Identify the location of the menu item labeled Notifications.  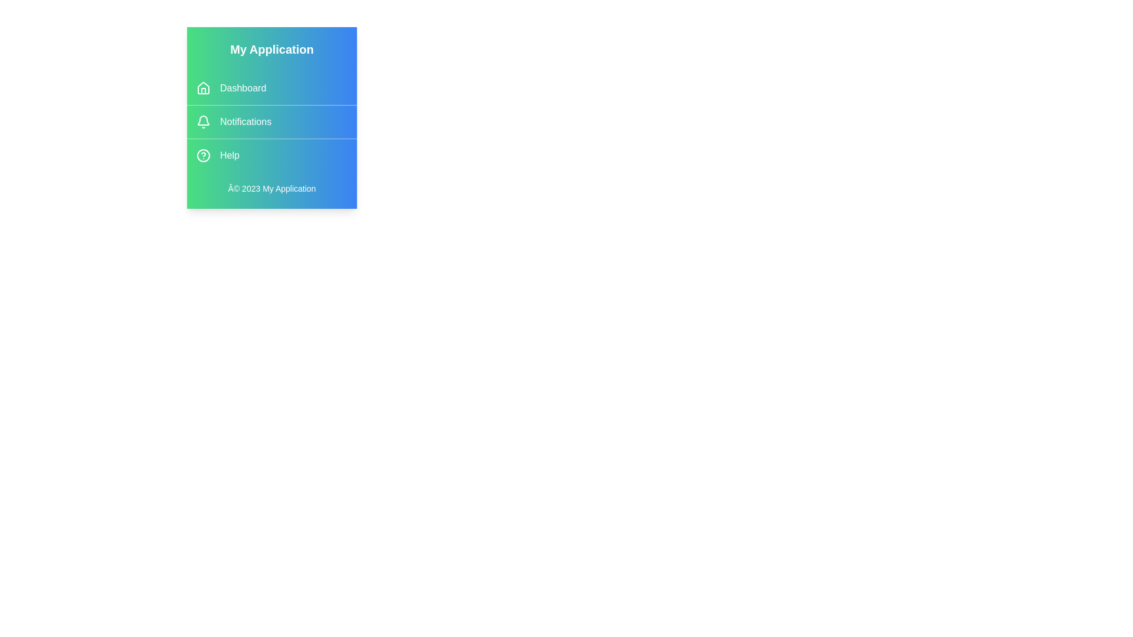
(271, 122).